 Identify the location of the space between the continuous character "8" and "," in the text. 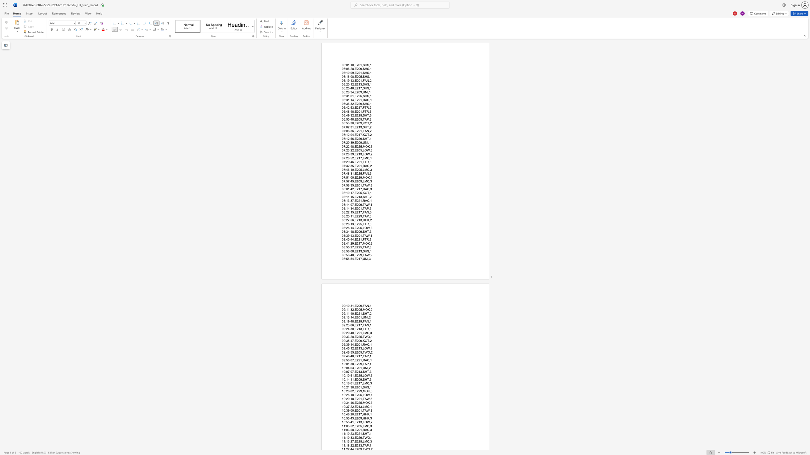
(353, 69).